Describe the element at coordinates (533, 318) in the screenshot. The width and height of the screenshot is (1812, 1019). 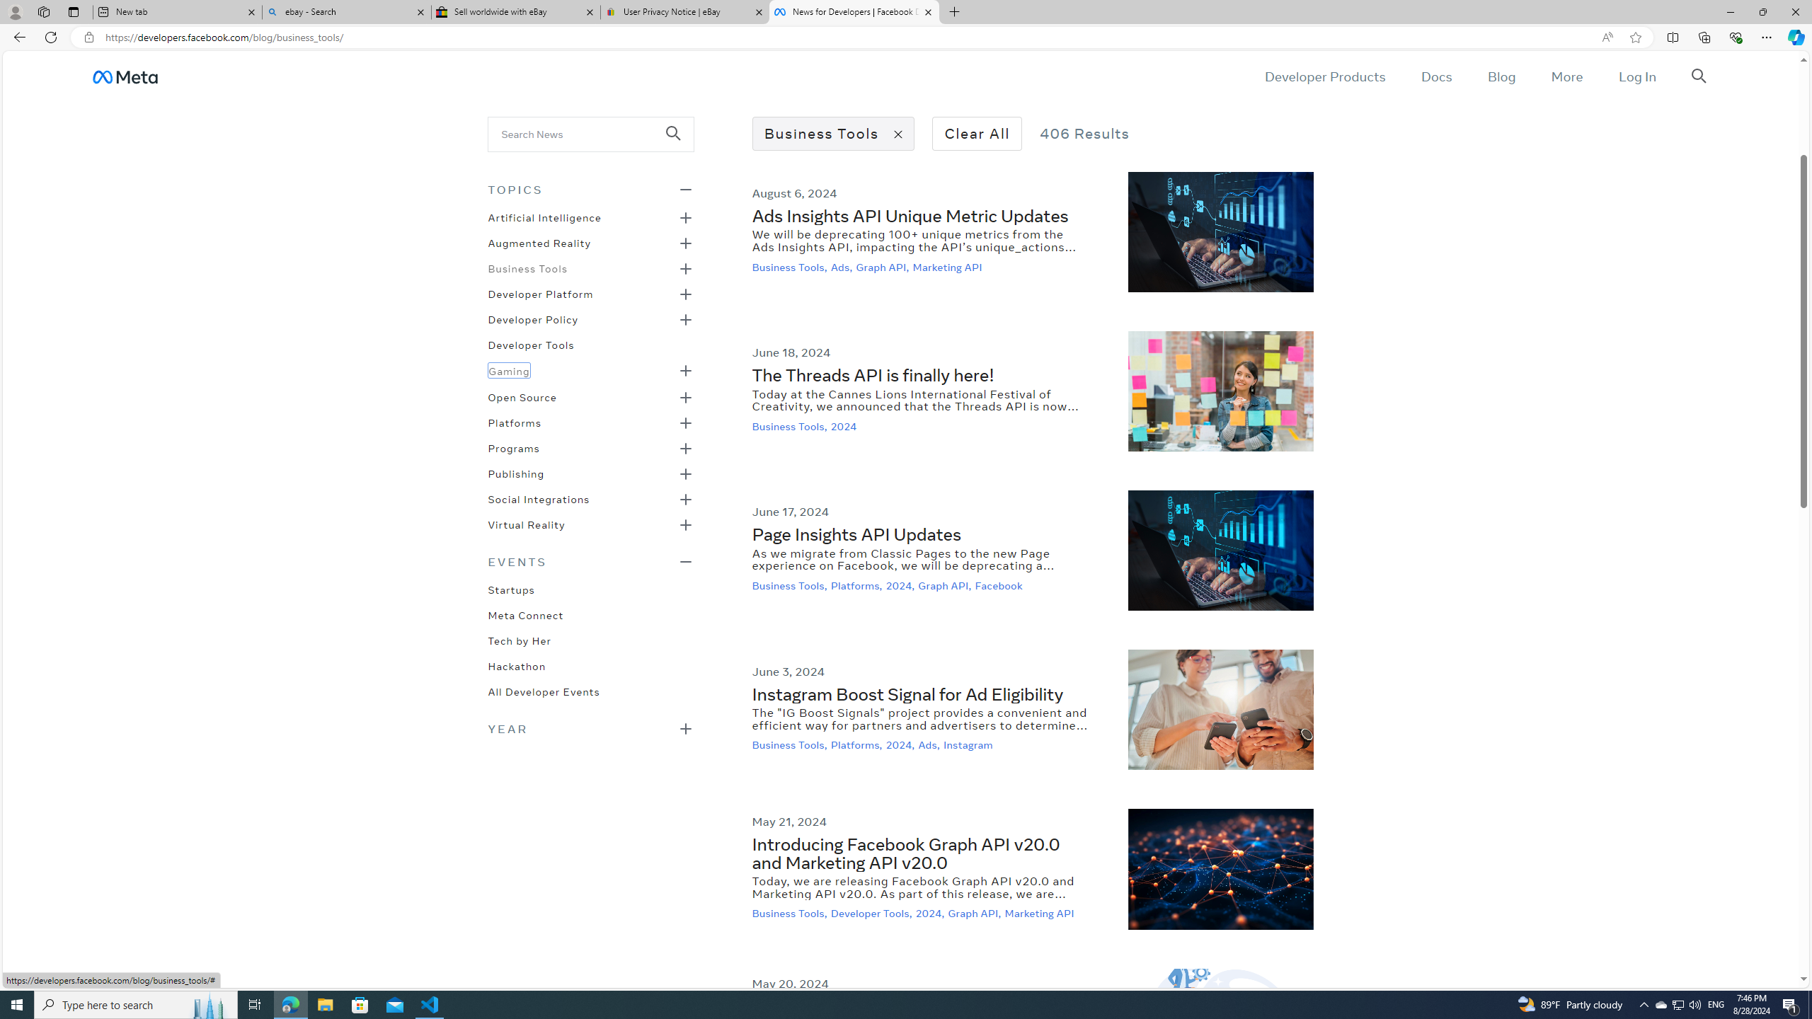
I see `'Developer Policy'` at that location.